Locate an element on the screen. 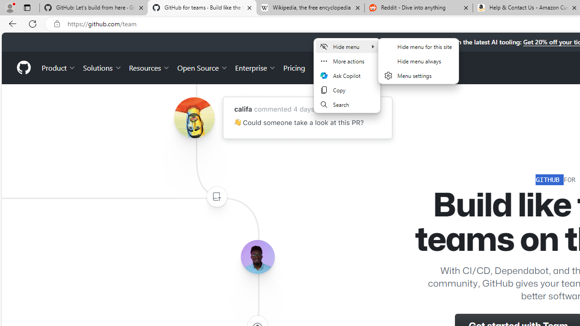  'Hide menu always' is located at coordinates (418, 61).